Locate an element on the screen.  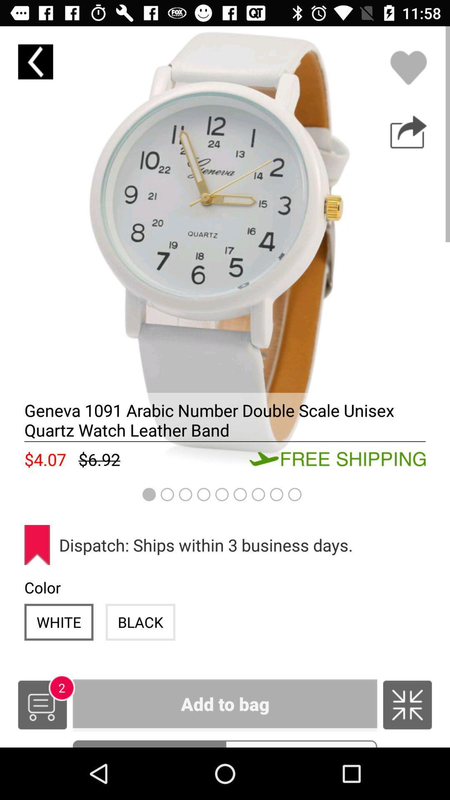
the item below the white item is located at coordinates (42, 704).